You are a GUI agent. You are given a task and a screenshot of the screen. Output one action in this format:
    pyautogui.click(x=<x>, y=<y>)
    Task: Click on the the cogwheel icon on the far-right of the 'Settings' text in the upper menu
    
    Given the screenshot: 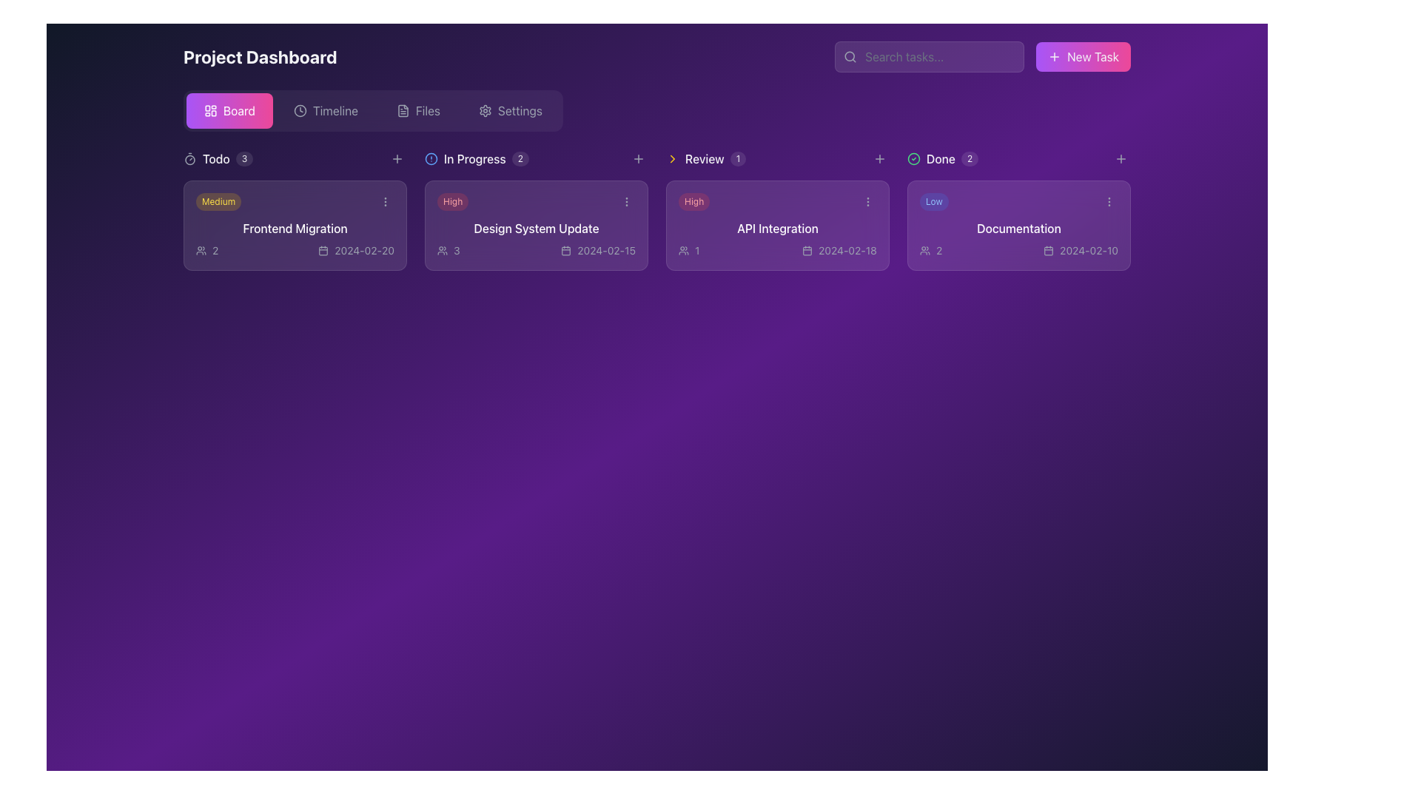 What is the action you would take?
    pyautogui.click(x=486, y=110)
    